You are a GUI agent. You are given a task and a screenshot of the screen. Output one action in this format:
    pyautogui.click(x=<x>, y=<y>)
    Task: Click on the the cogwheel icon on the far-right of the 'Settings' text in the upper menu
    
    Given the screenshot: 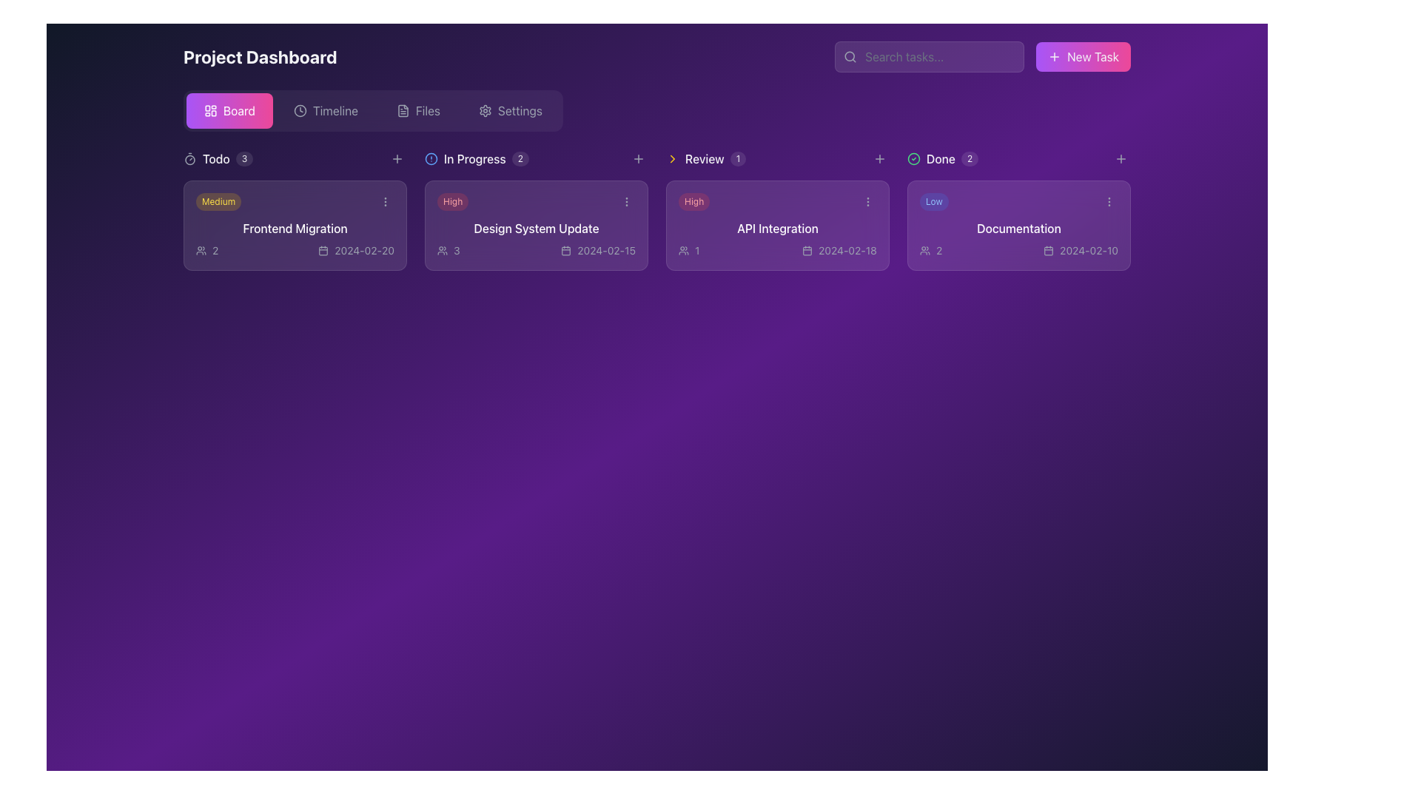 What is the action you would take?
    pyautogui.click(x=486, y=110)
    